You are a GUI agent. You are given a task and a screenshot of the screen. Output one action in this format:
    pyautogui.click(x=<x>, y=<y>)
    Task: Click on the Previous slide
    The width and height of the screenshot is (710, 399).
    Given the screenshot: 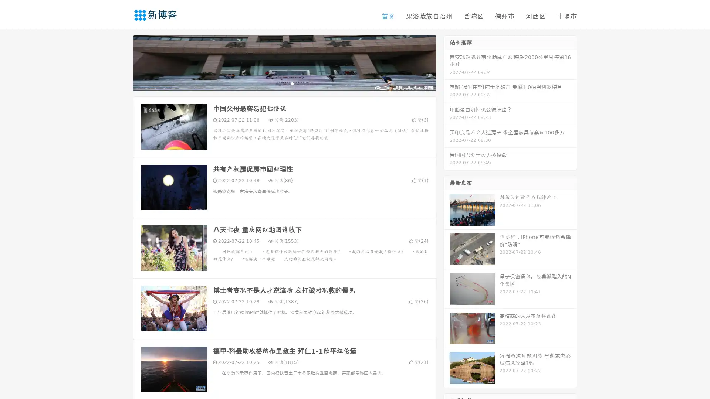 What is the action you would take?
    pyautogui.click(x=122, y=62)
    